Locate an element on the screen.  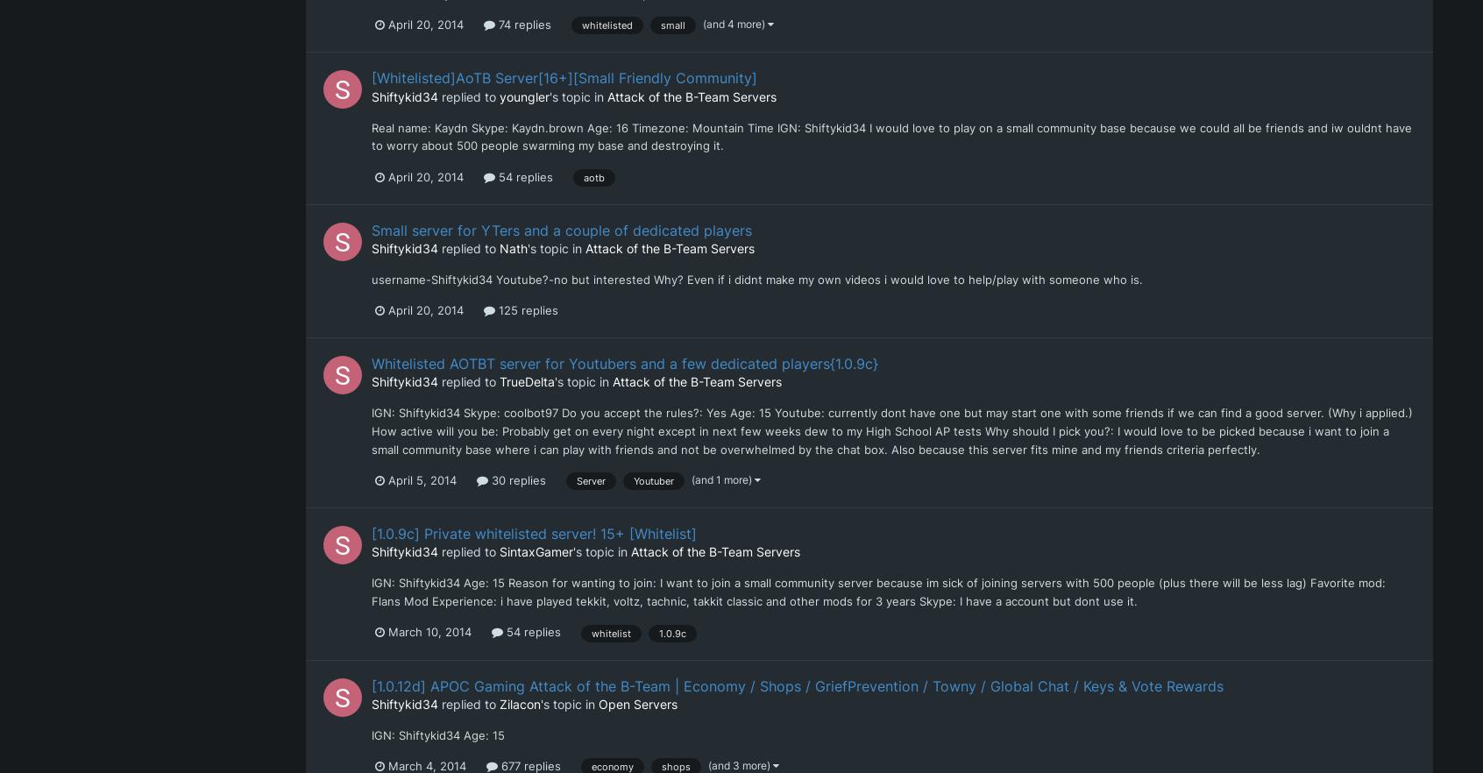
'(and 3 more)' is located at coordinates (740, 764).